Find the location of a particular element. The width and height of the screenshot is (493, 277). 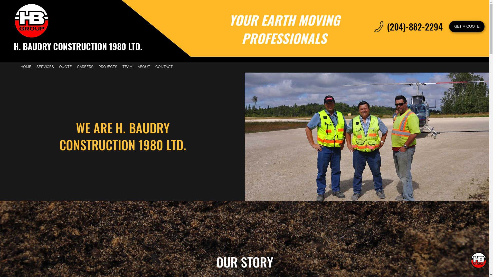

'ABOUT' is located at coordinates (144, 66).